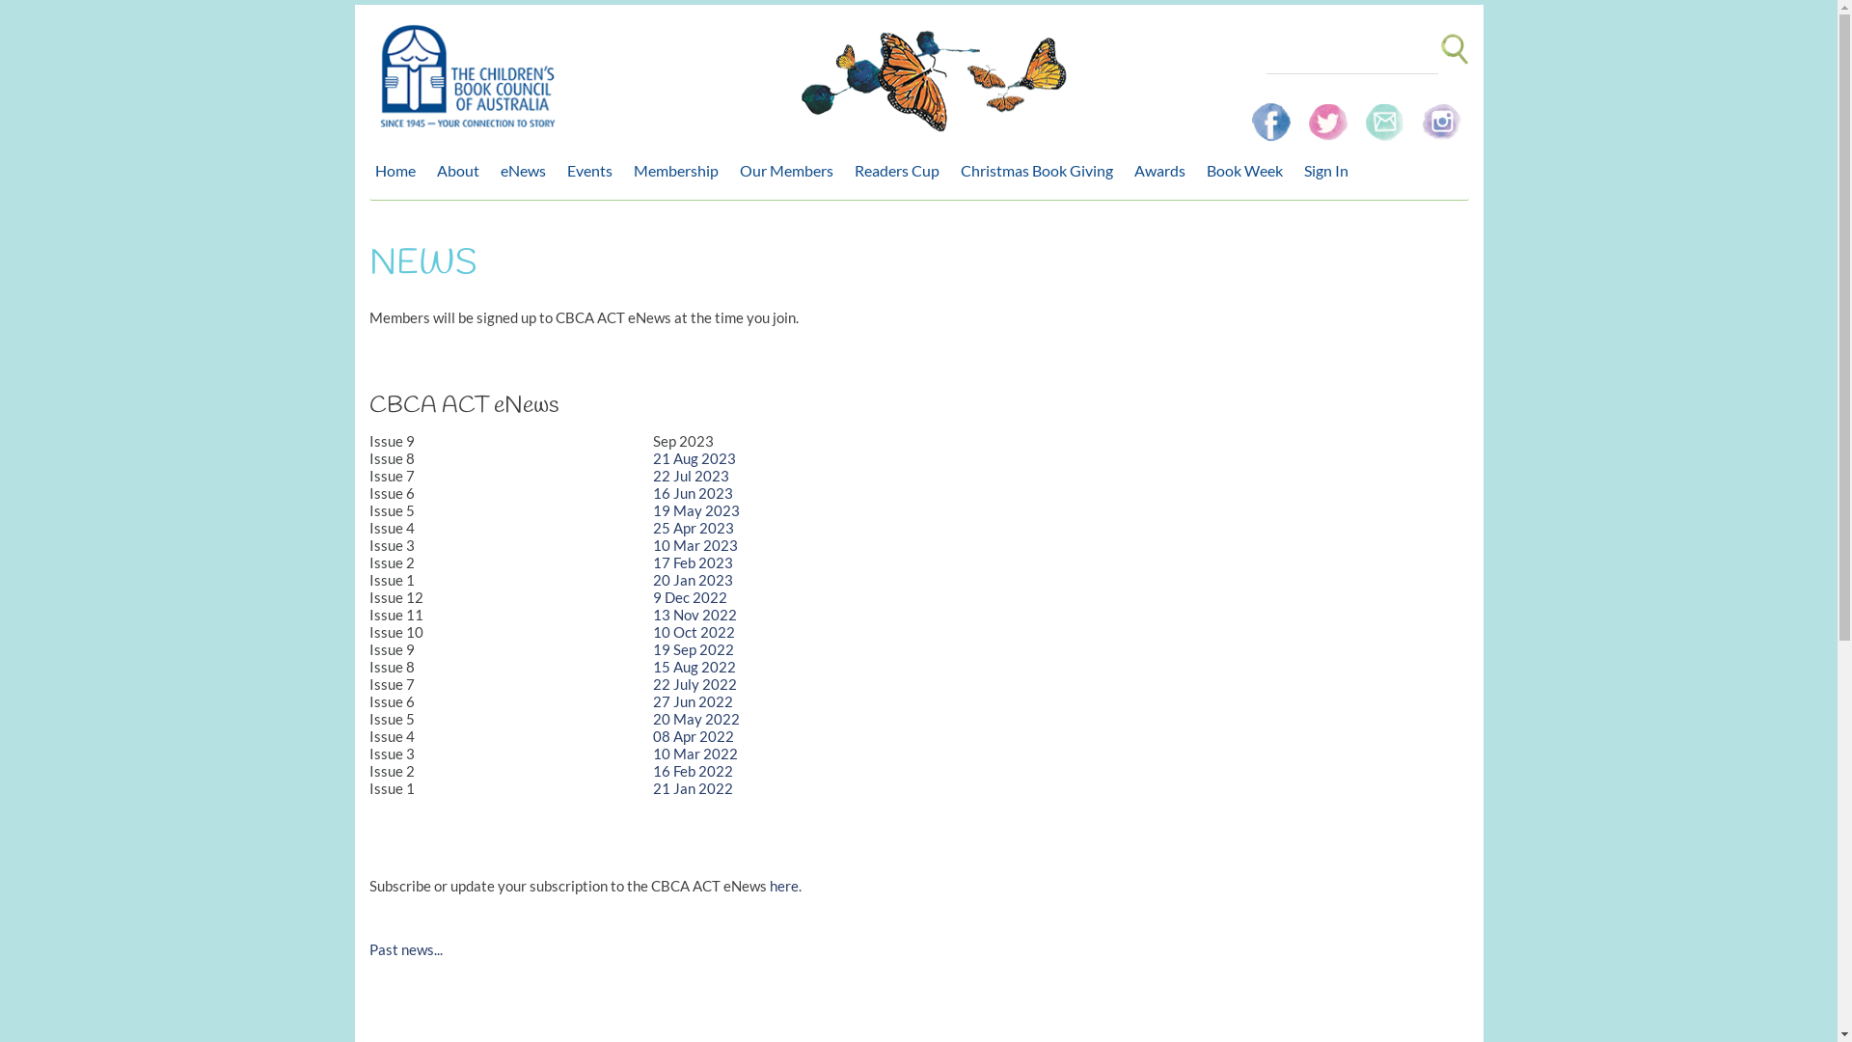 This screenshot has width=1852, height=1042. Describe the element at coordinates (691, 476) in the screenshot. I see `'22 Jul 2023'` at that location.